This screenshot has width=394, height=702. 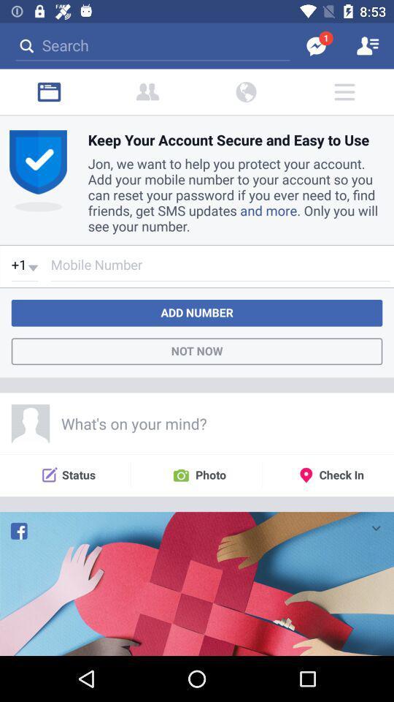 I want to click on the button which is below add number, so click(x=197, y=351).